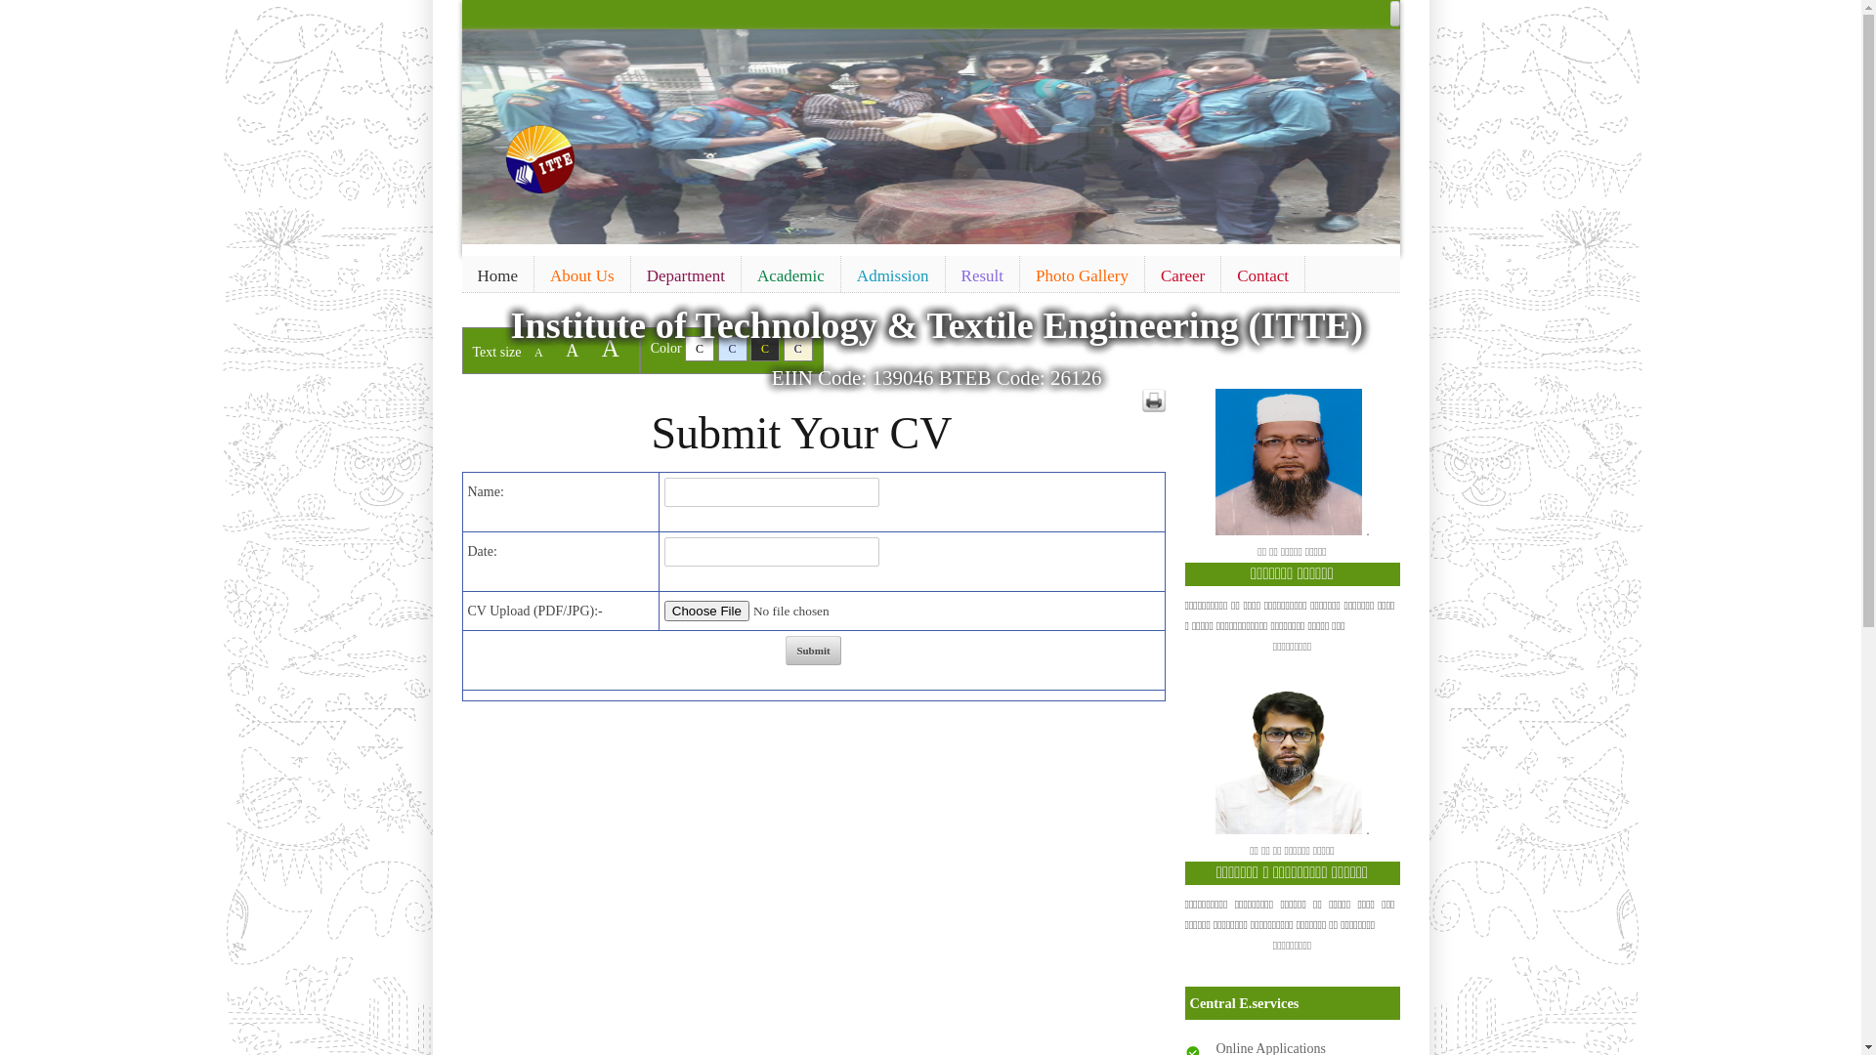 The image size is (1876, 1055). I want to click on 'Print', so click(1153, 399).